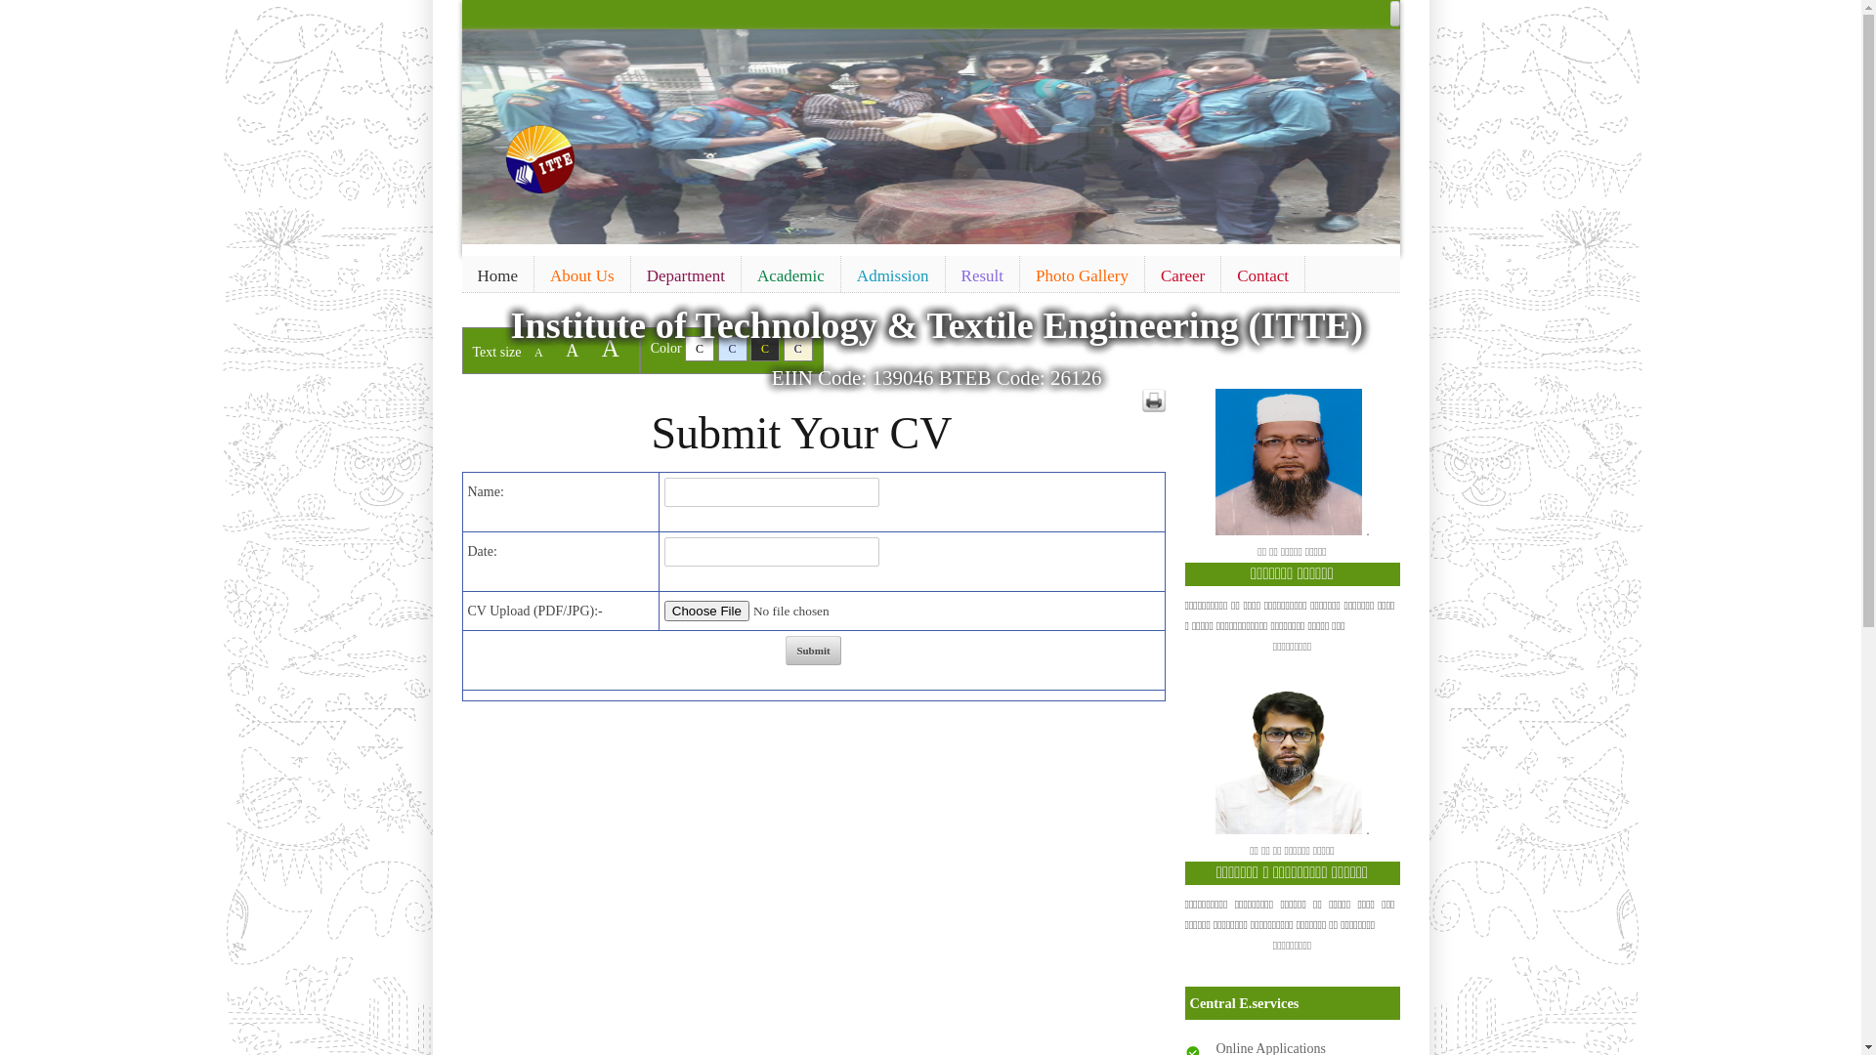 The image size is (1876, 1055). I want to click on 'Print', so click(1153, 399).